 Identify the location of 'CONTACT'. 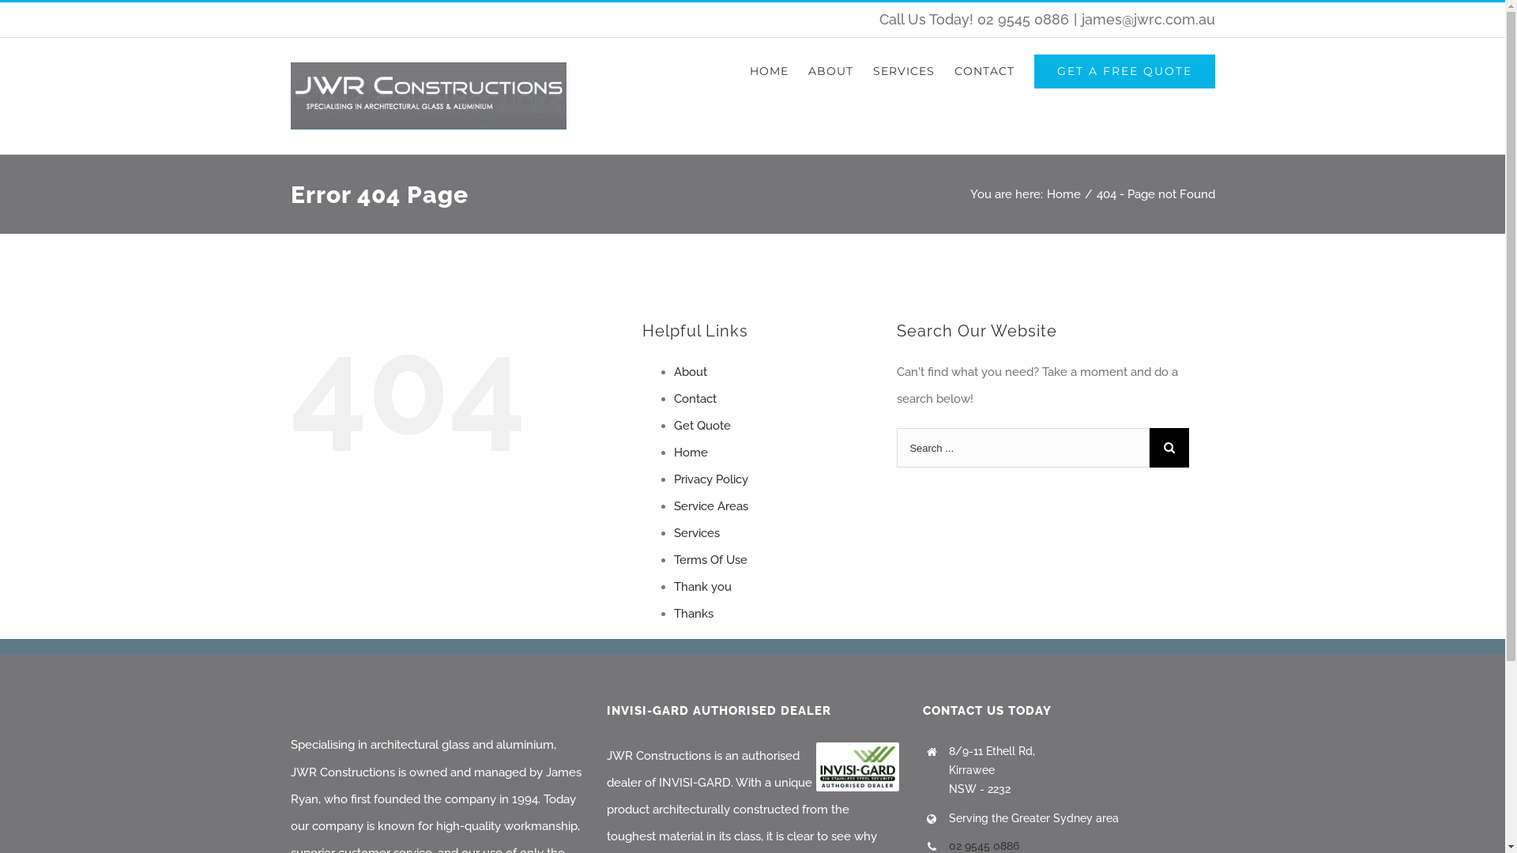
(954, 70).